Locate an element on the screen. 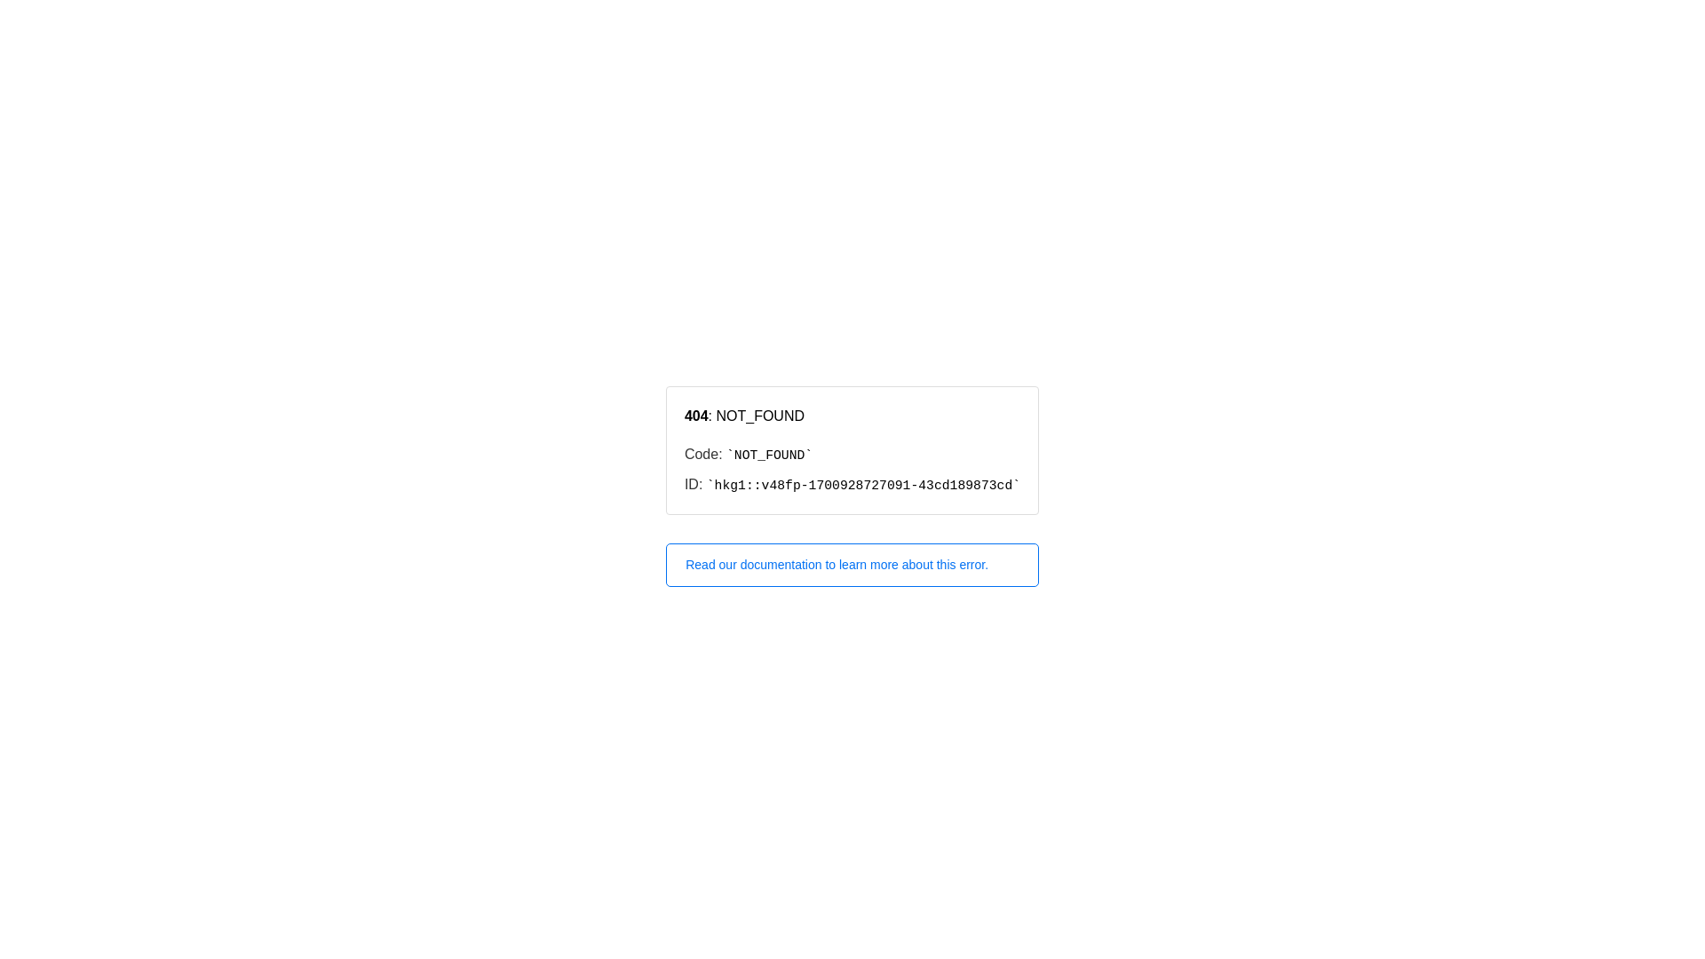  'Read our documentation to learn more about this error.' is located at coordinates (852, 565).